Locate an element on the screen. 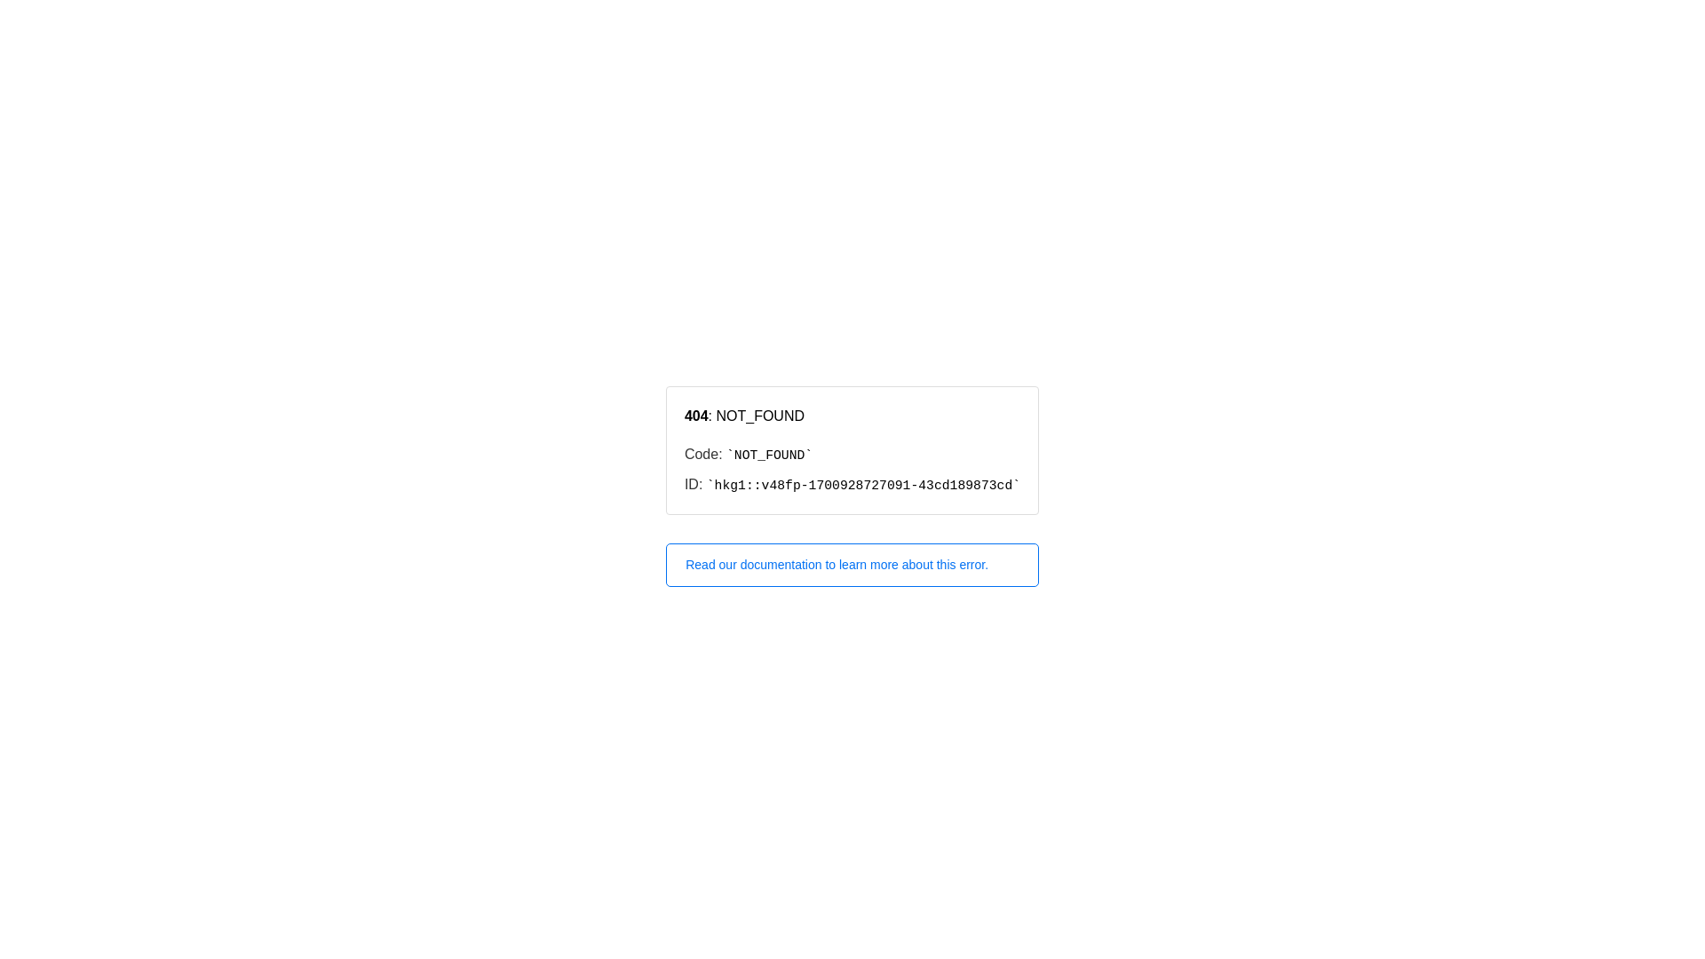  'Read our documentation to learn more about this error.' is located at coordinates (852, 565).